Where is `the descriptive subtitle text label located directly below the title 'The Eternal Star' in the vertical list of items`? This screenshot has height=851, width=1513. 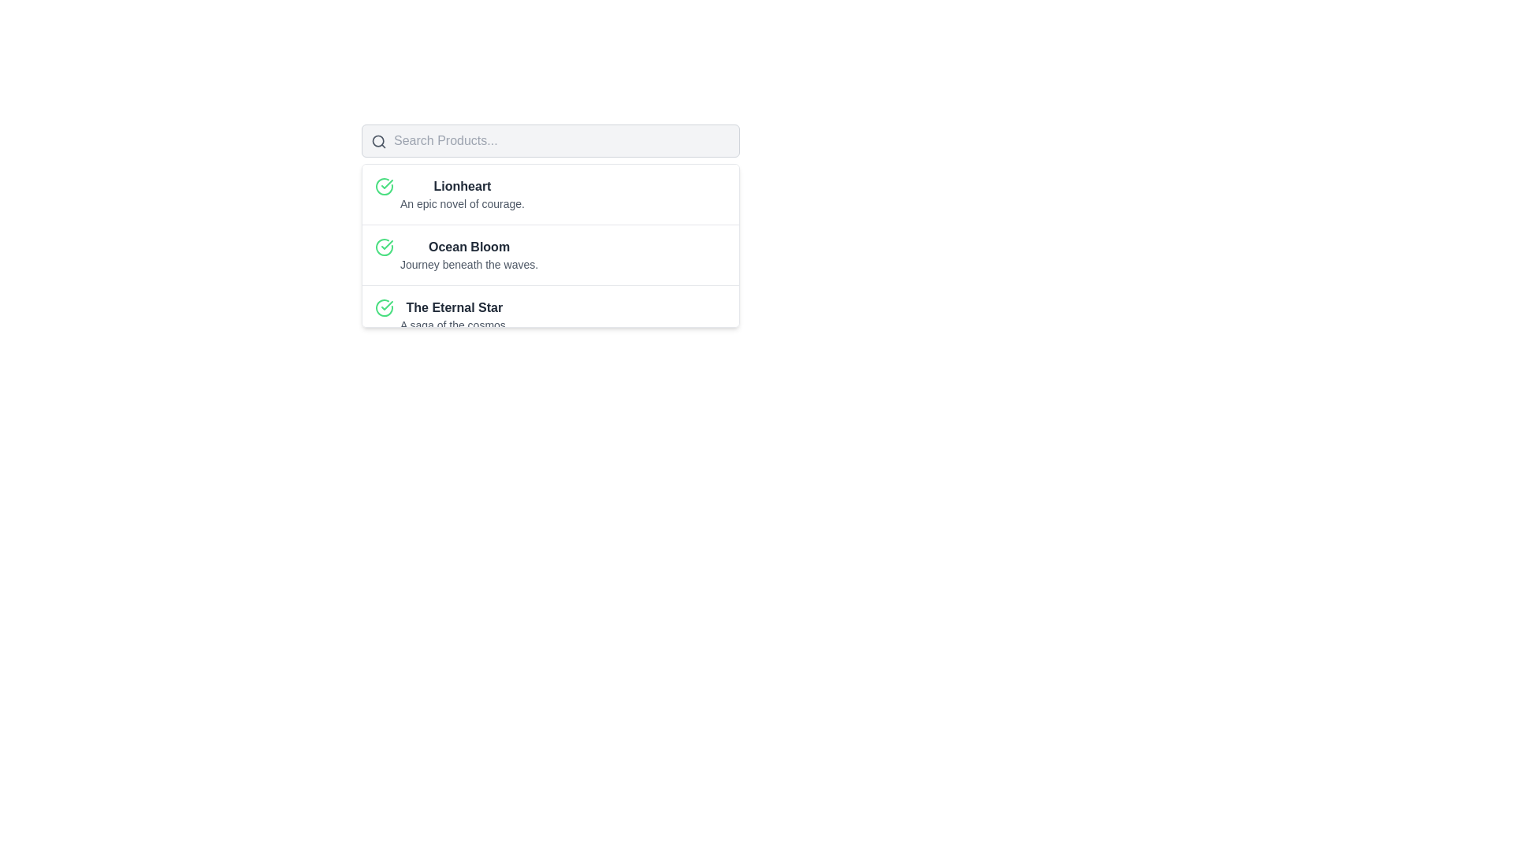
the descriptive subtitle text label located directly below the title 'The Eternal Star' in the vertical list of items is located at coordinates (453, 324).